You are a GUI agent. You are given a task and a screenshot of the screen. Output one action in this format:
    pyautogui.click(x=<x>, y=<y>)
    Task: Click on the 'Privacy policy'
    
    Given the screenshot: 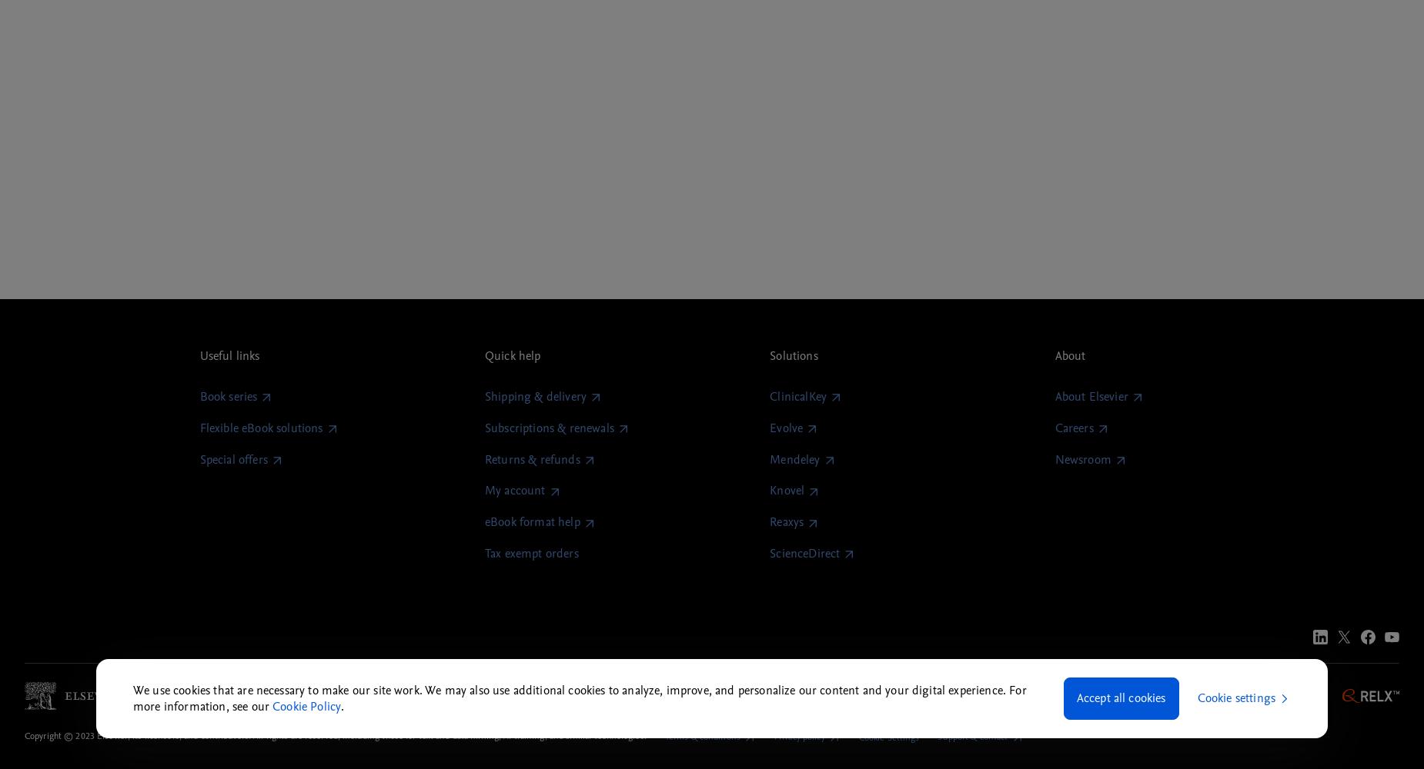 What is the action you would take?
    pyautogui.click(x=772, y=736)
    